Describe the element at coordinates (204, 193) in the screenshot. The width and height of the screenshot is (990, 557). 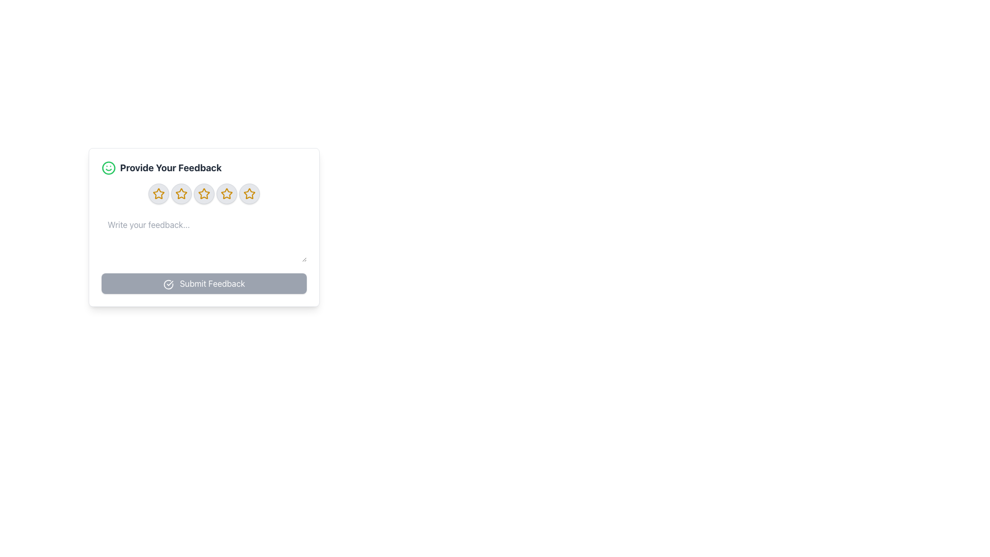
I see `the fourth star icon in the rating system aligned horizontally in the feedback section below 'Provide Your Feedback'` at that location.